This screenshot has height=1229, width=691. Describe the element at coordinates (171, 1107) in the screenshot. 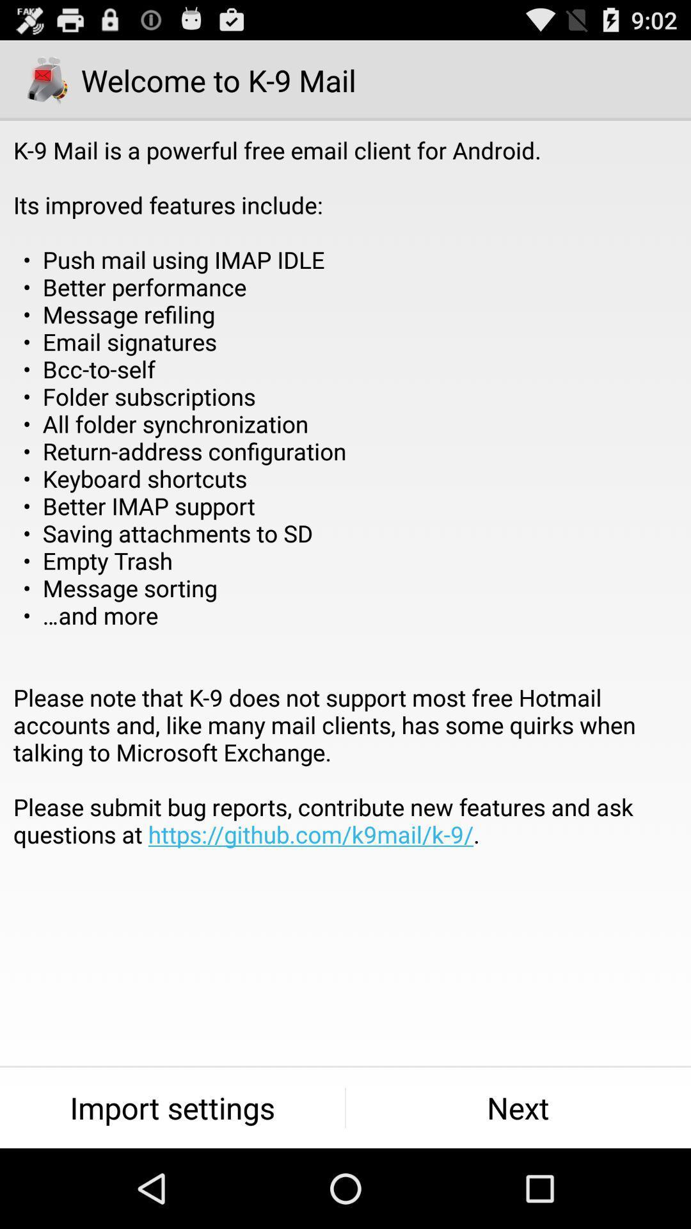

I see `the item next to the next icon` at that location.